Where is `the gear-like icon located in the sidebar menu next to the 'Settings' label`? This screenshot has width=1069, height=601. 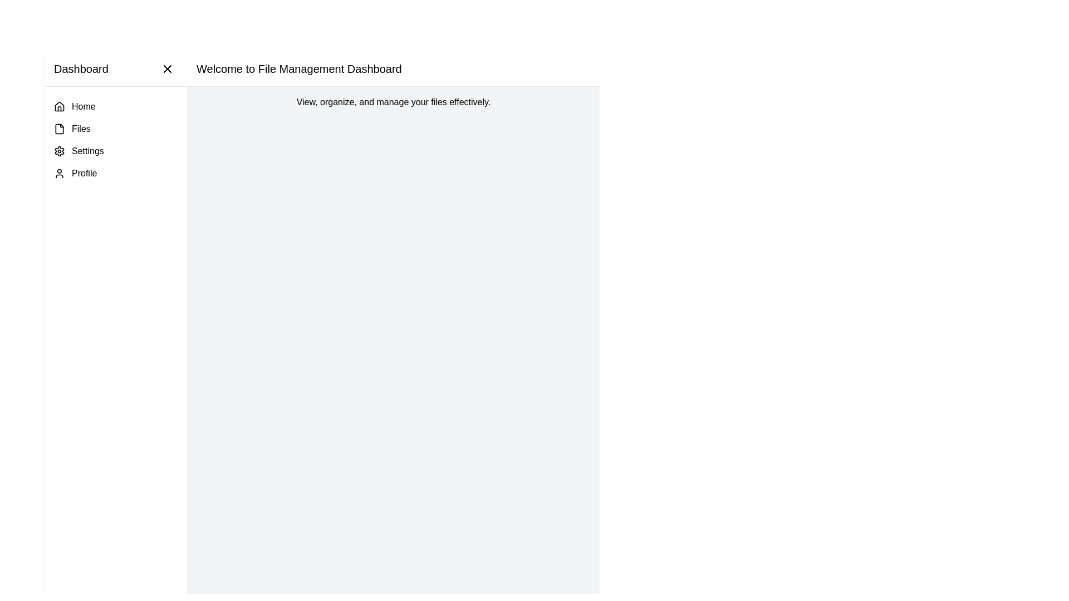 the gear-like icon located in the sidebar menu next to the 'Settings' label is located at coordinates (58, 151).